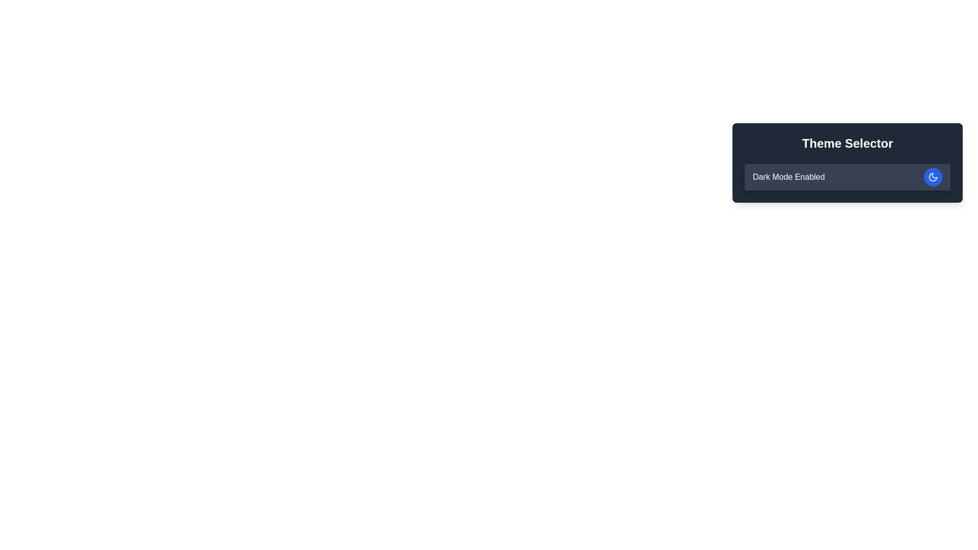  I want to click on the dark mode toggle button located to the right of the 'Dark Mode Enabled' text, so click(933, 176).